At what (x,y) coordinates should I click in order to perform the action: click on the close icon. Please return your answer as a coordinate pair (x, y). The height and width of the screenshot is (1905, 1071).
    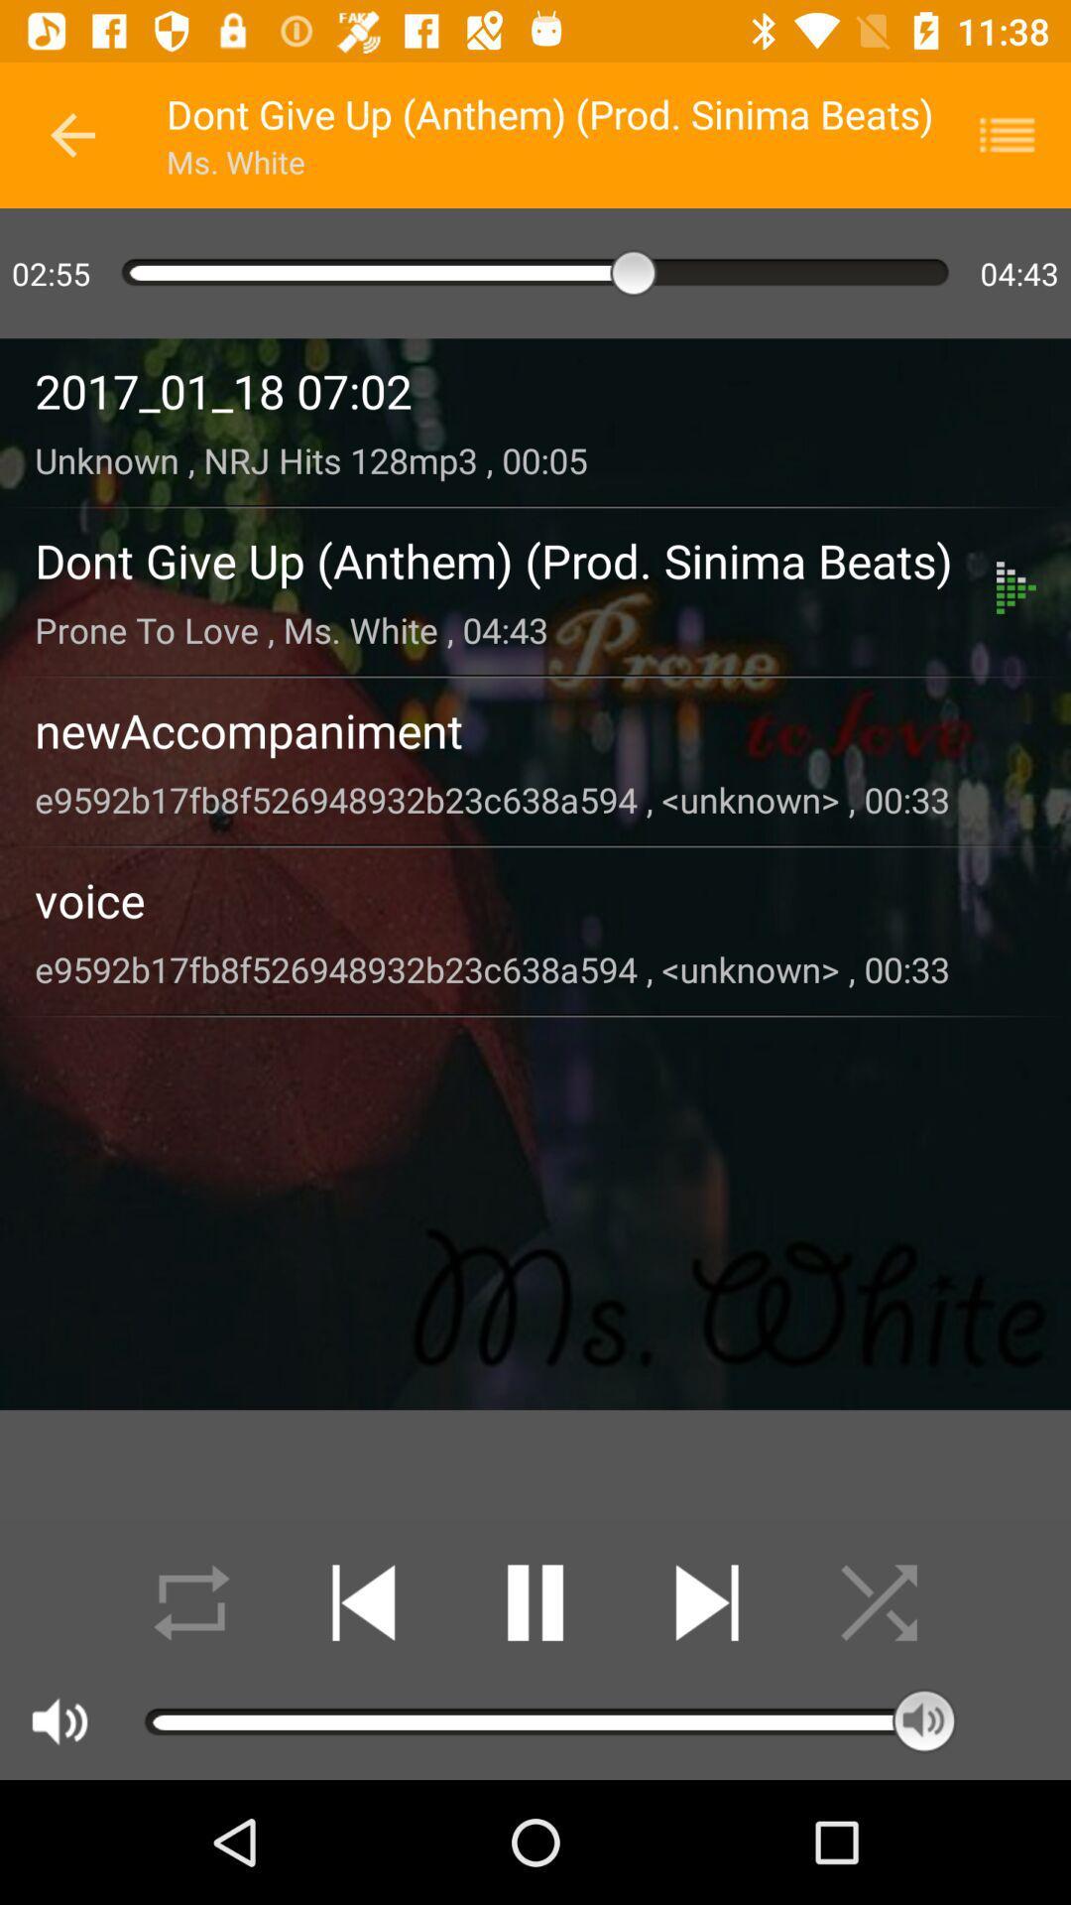
    Looking at the image, I should click on (878, 1602).